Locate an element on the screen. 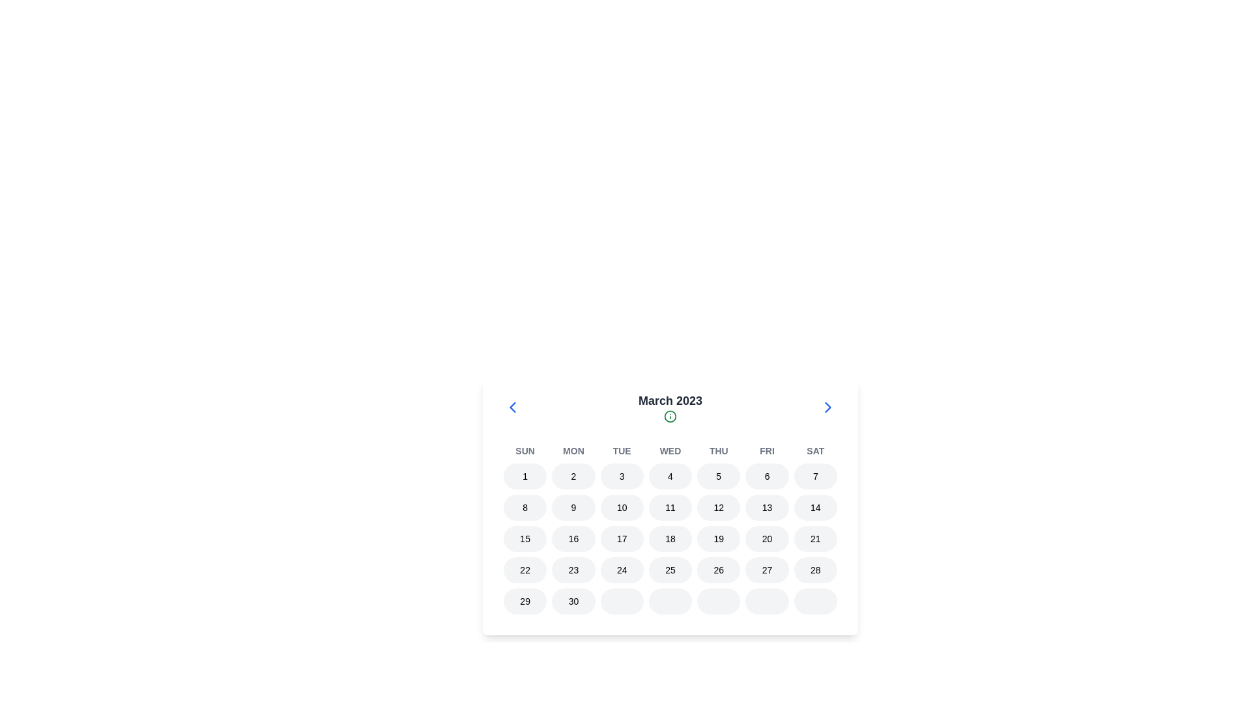  the marker located in the bottom-most row of the calendar interface, specifically in the sixth column (Friday) is located at coordinates (767, 601).